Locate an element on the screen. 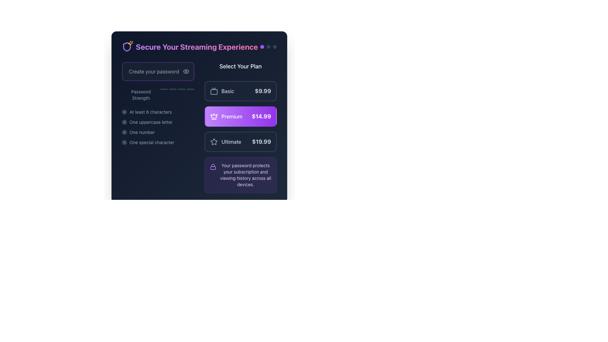 The width and height of the screenshot is (608, 342). the text heading styled with large, bold letters in a gradient color that reads 'Secure Your Streaming Experience', located at the top of the user interface area is located at coordinates (189, 46).